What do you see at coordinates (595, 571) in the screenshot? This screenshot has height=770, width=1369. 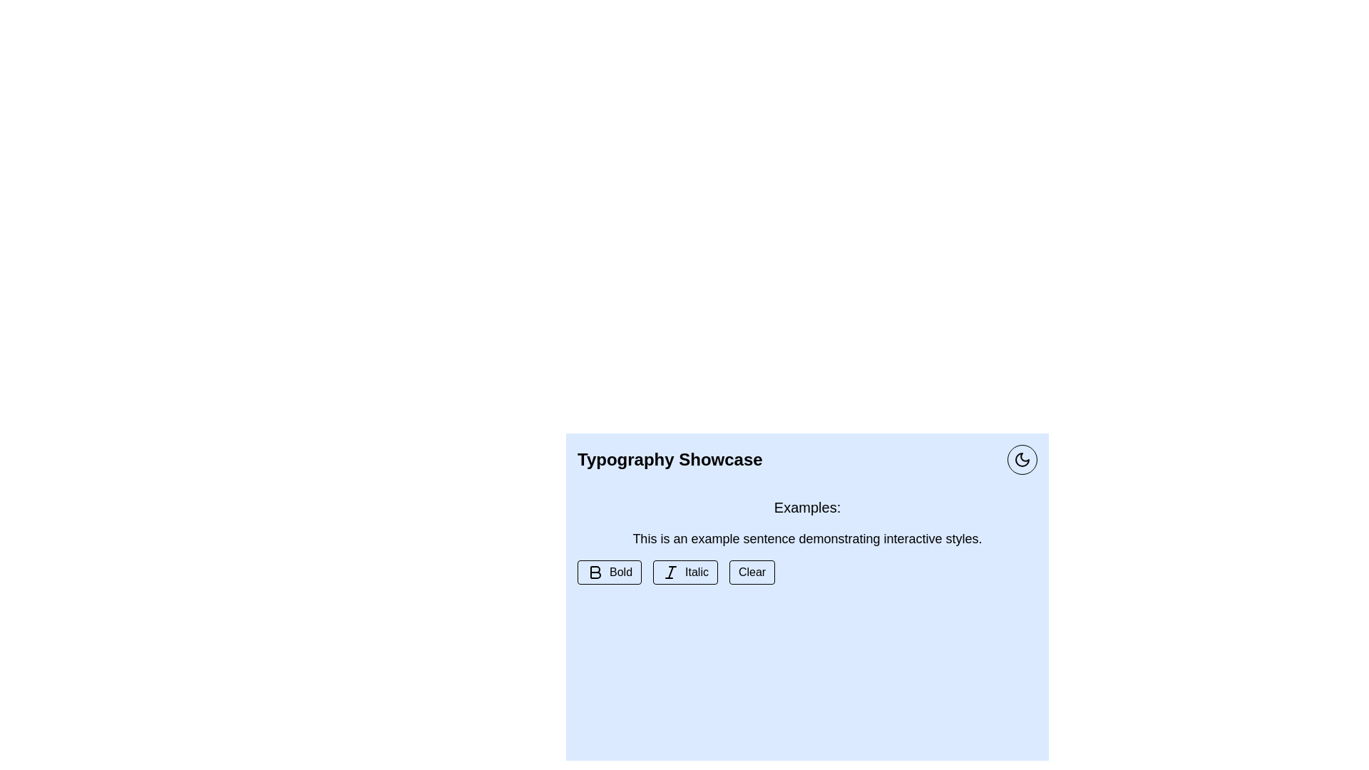 I see `the button containing the bold 'B' SVG icon to apply bold styling` at bounding box center [595, 571].